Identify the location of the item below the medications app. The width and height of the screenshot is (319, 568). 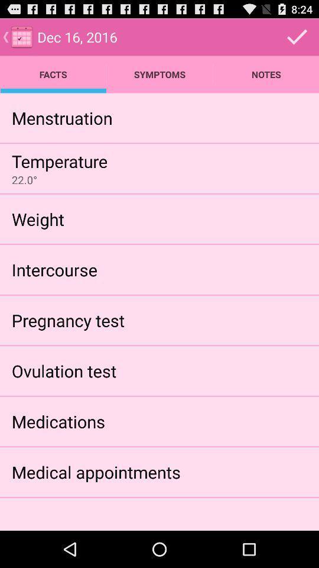
(95, 472).